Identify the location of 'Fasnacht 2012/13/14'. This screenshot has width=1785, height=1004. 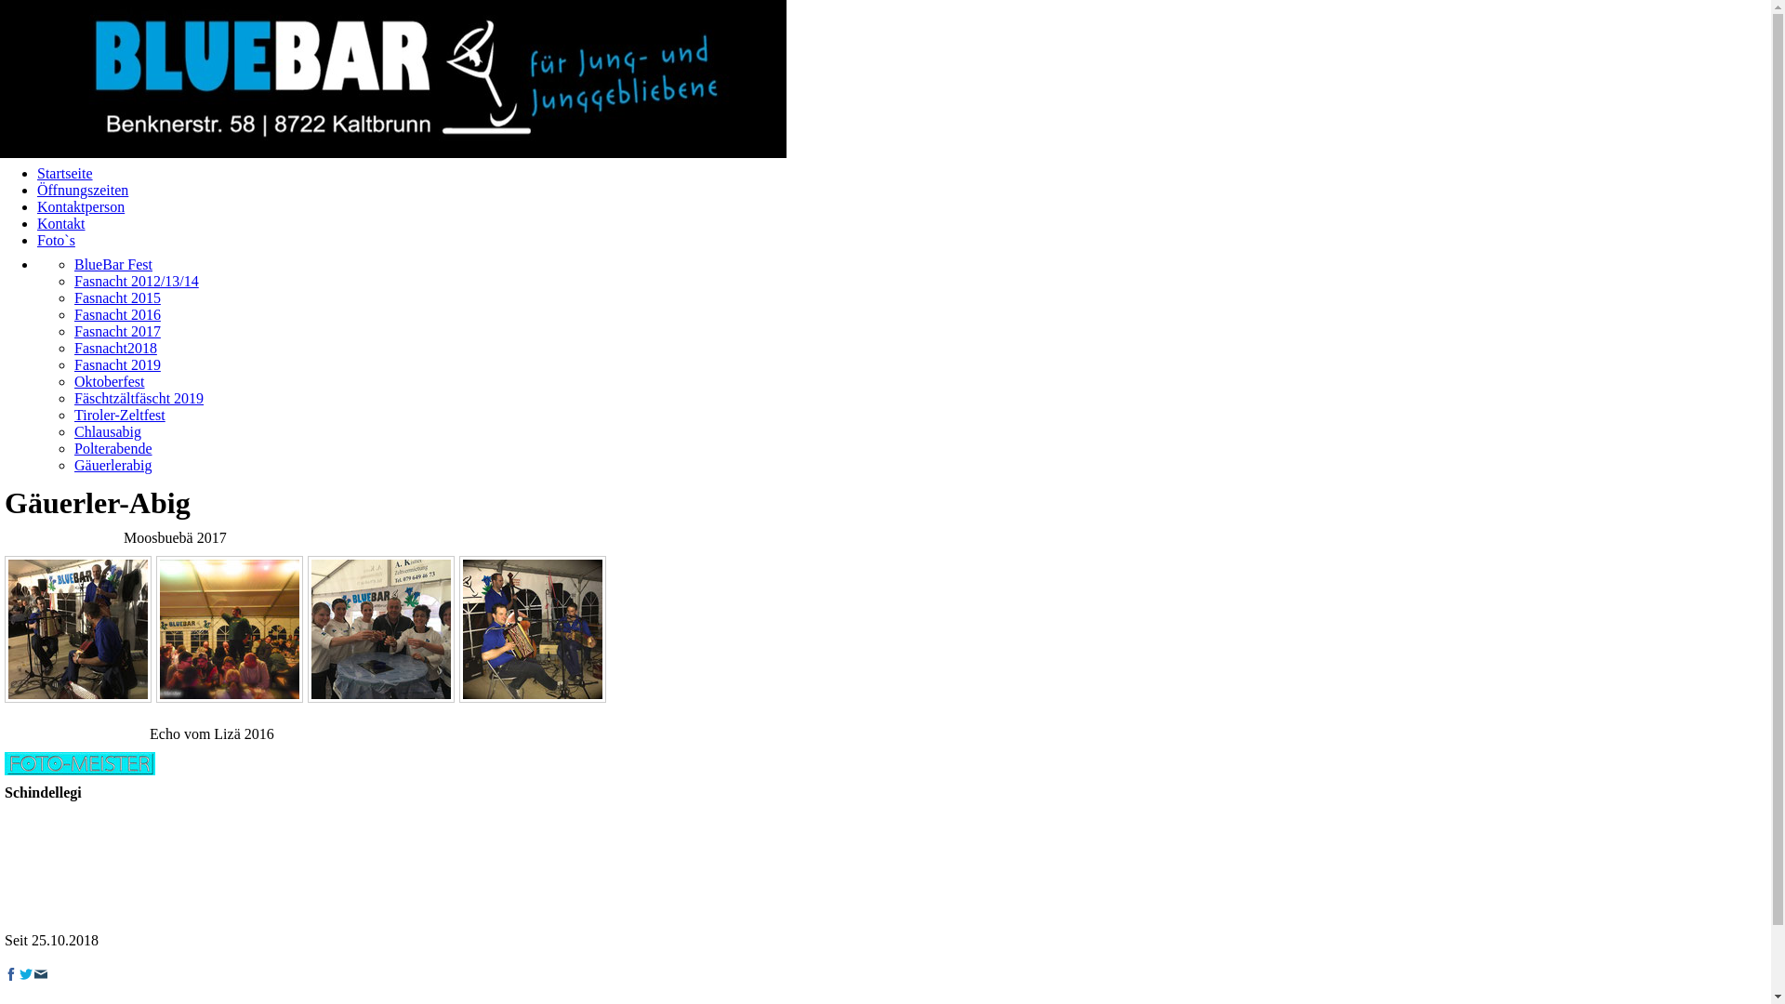
(136, 281).